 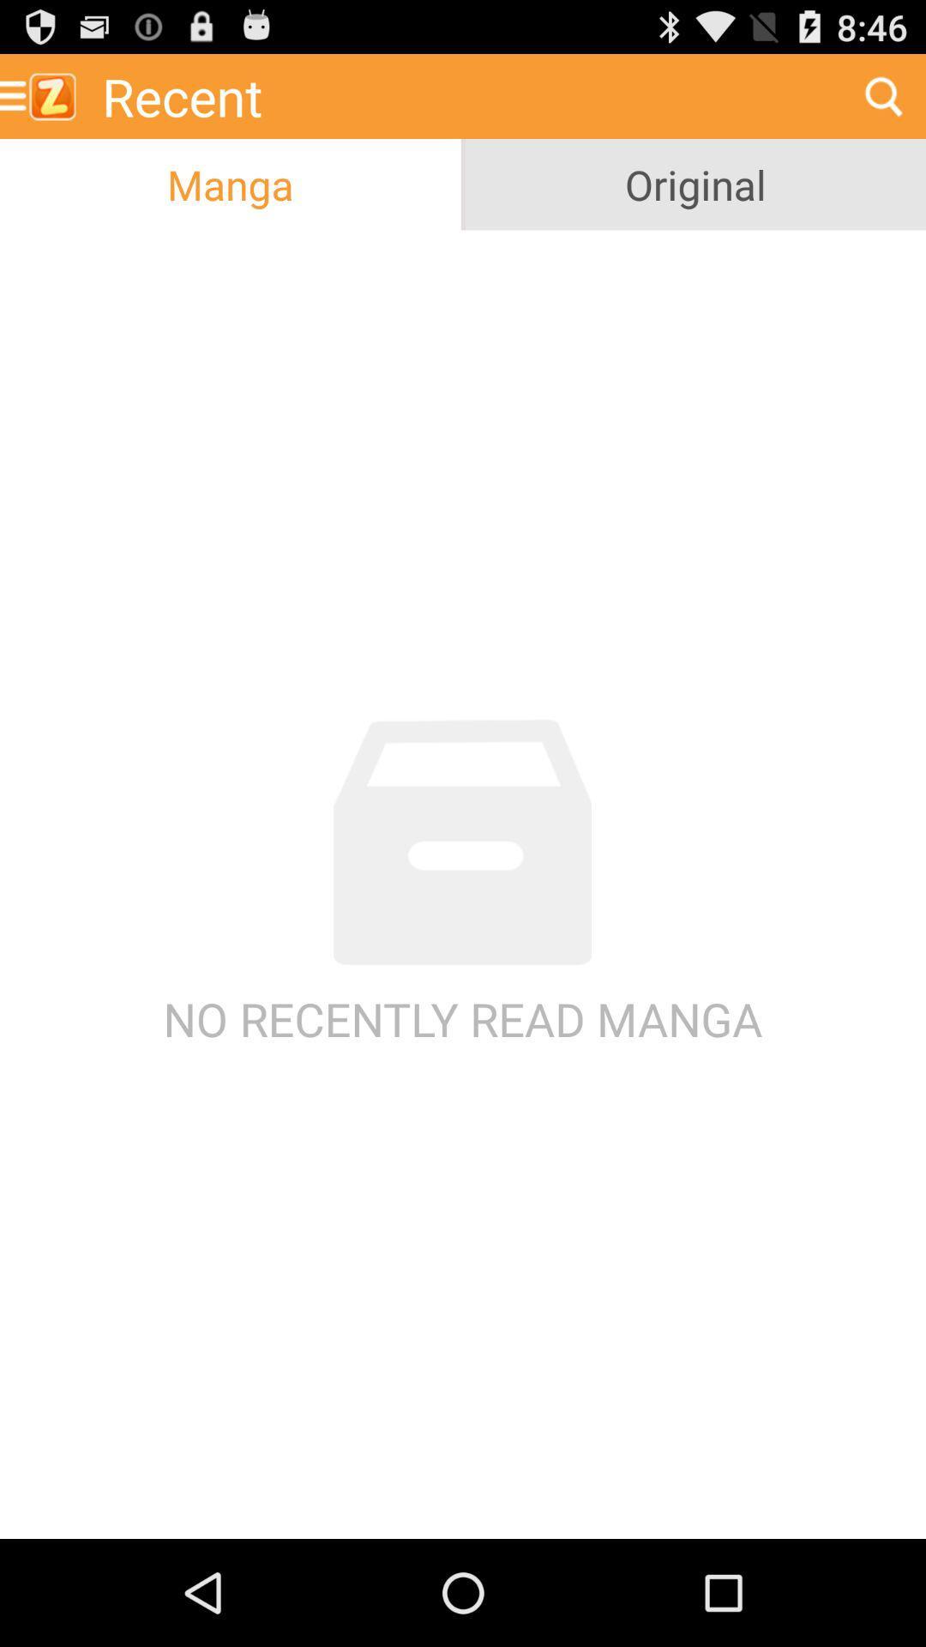 What do you see at coordinates (466, 95) in the screenshot?
I see `the recent` at bounding box center [466, 95].